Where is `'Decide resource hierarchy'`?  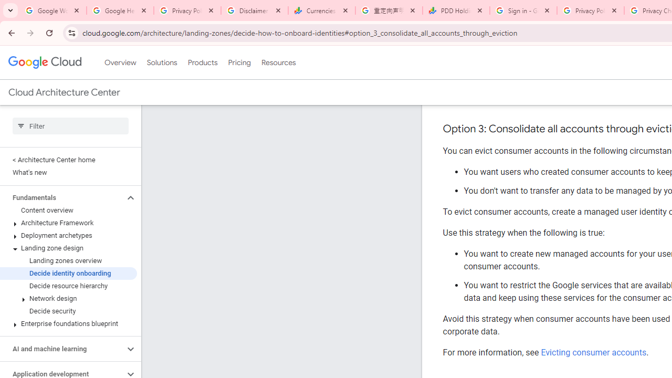 'Decide resource hierarchy' is located at coordinates (68, 286).